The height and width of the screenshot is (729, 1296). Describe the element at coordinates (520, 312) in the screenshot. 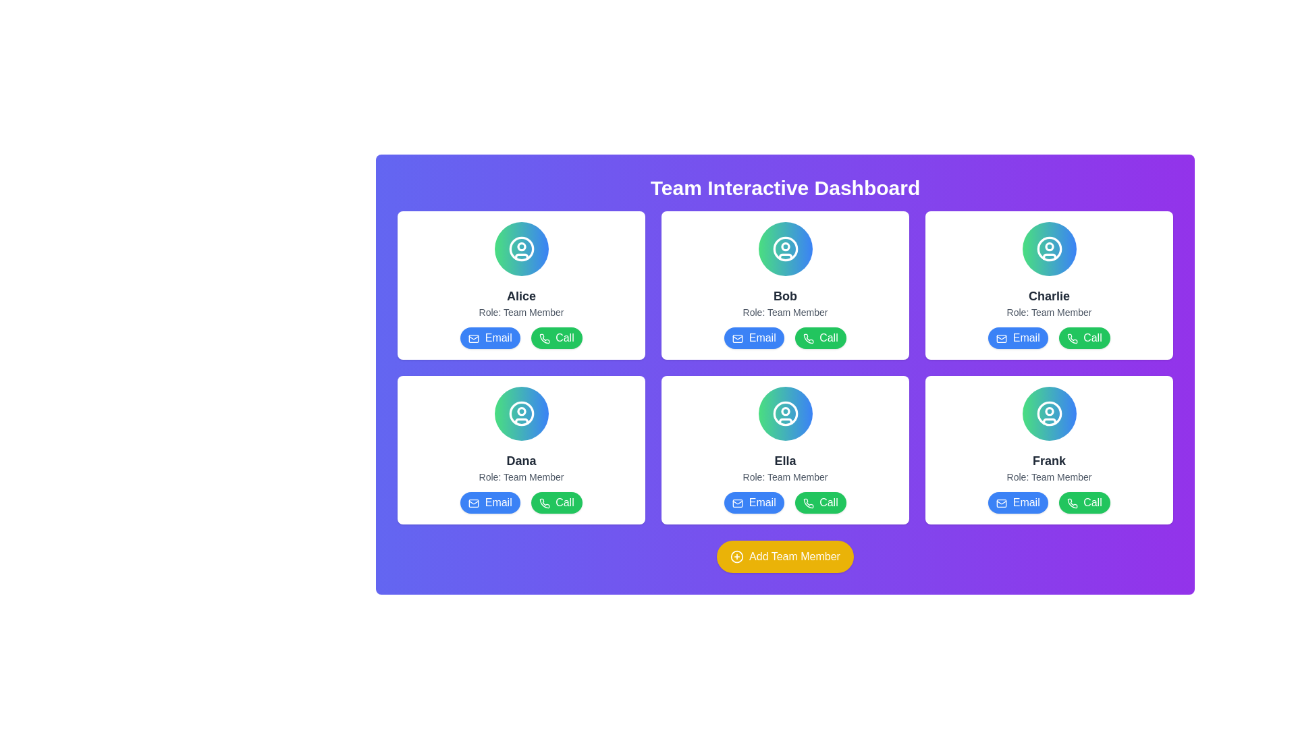

I see `the label displaying 'Role: Team Member', which is positioned beneath the title 'Alice' and above the buttons 'Email' and 'Call'` at that location.